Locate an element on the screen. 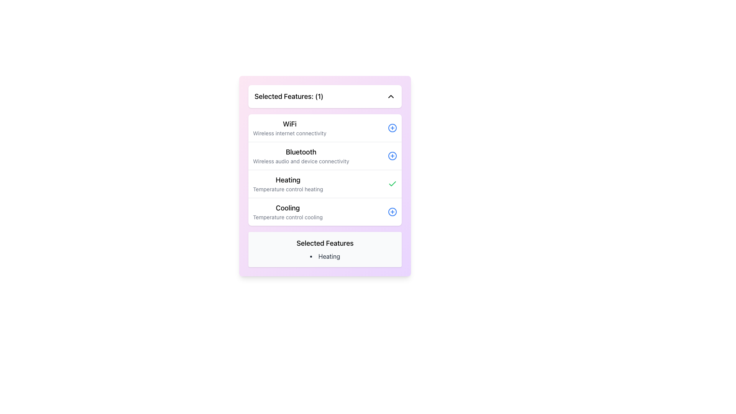 The image size is (736, 414). the 'Bluetooth' text label that provides information about 'Wireless audio and device connectivity', positioned as the second item in the vertical list of features is located at coordinates (301, 156).